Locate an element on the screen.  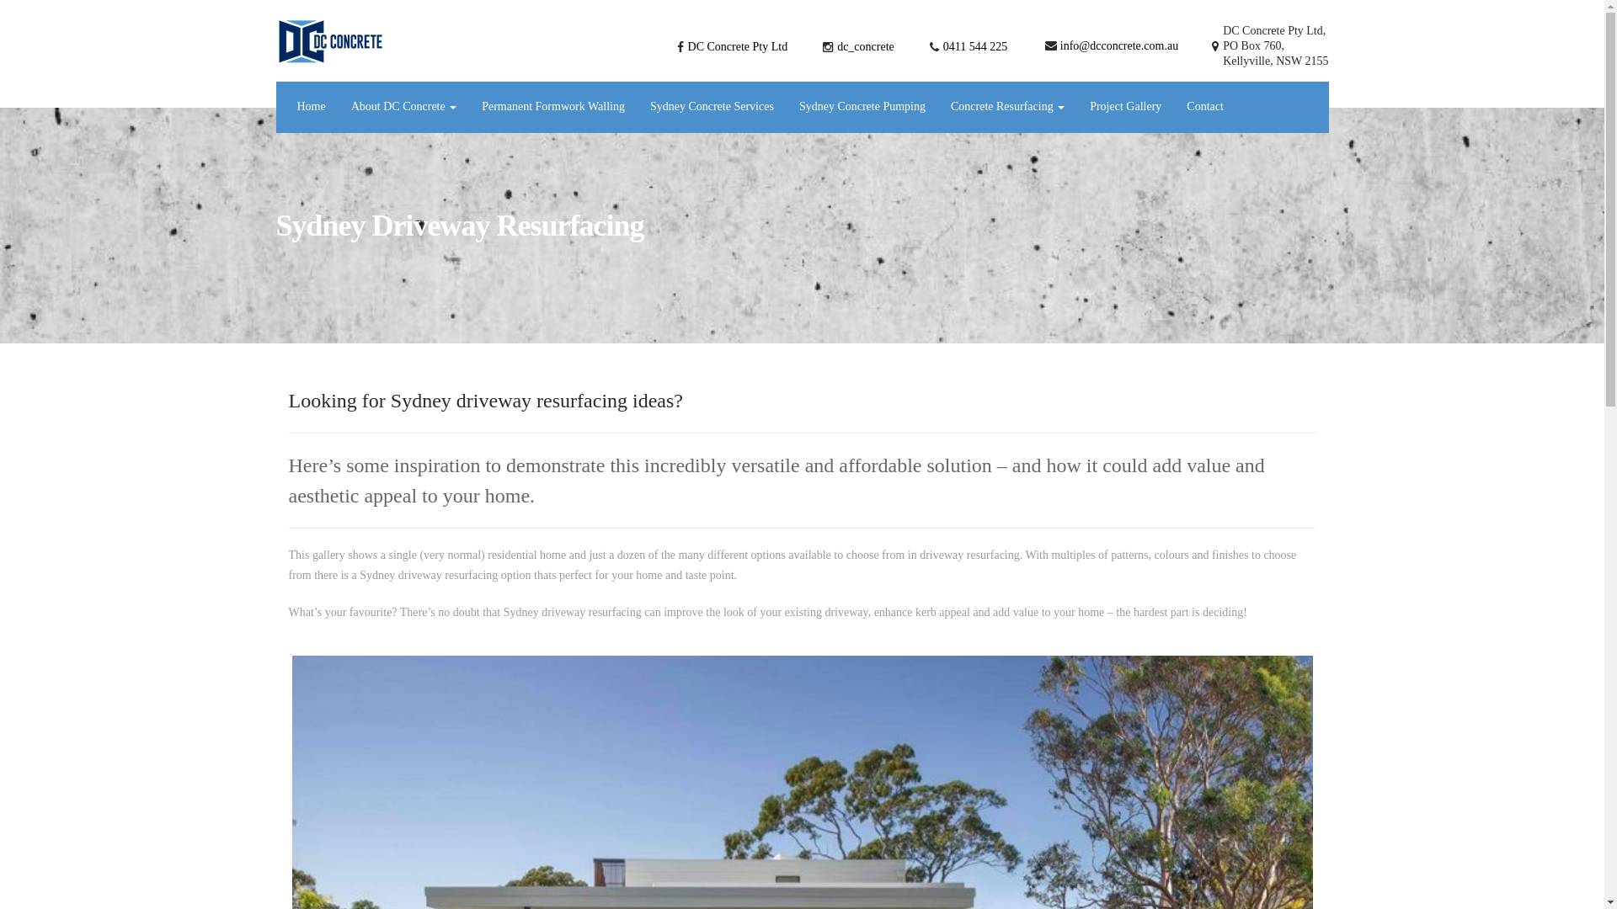
'Concrete Resurfacing' is located at coordinates (1007, 107).